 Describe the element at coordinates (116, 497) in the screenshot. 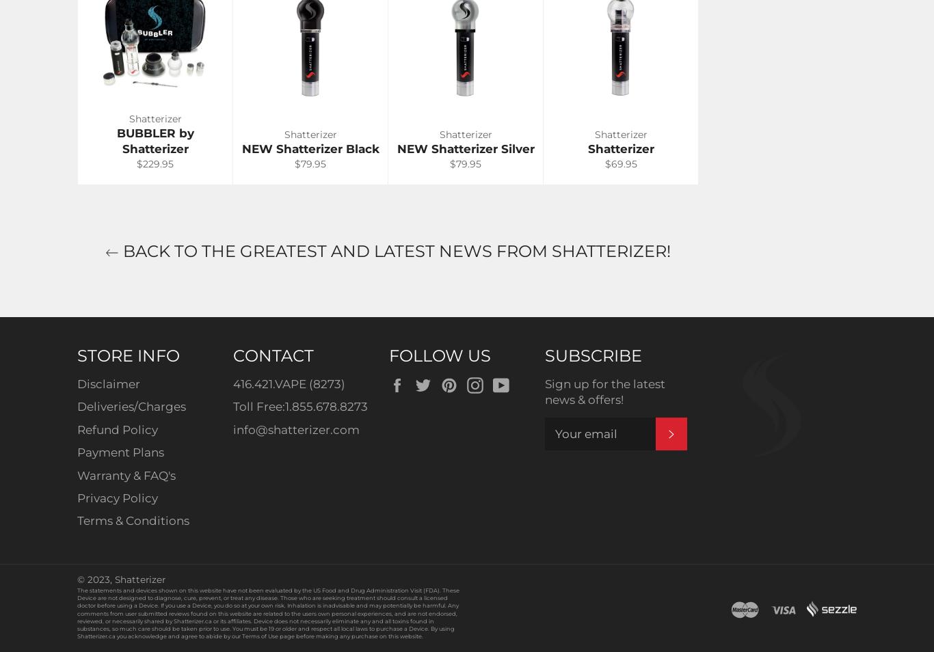

I see `'Privacy Policy'` at that location.